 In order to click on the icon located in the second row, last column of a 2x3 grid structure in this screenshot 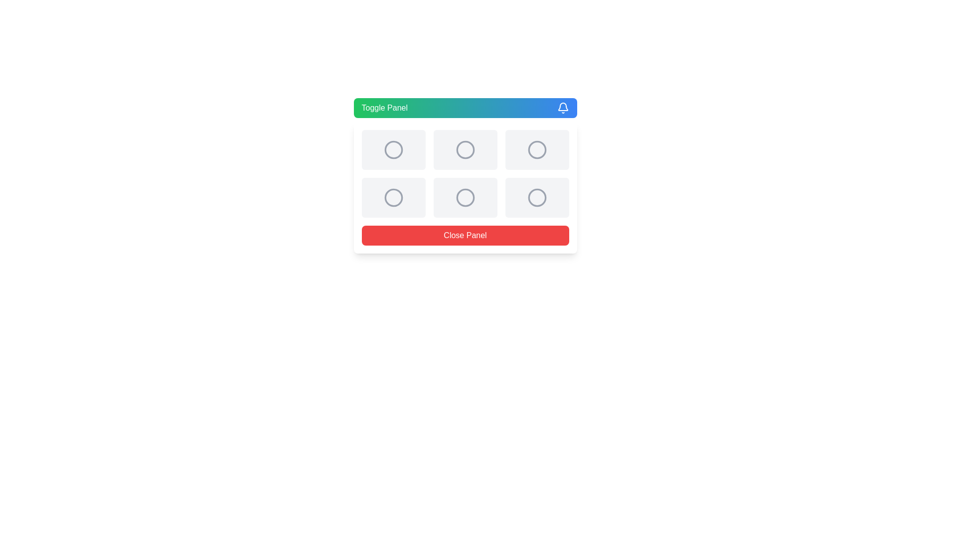, I will do `click(536, 198)`.